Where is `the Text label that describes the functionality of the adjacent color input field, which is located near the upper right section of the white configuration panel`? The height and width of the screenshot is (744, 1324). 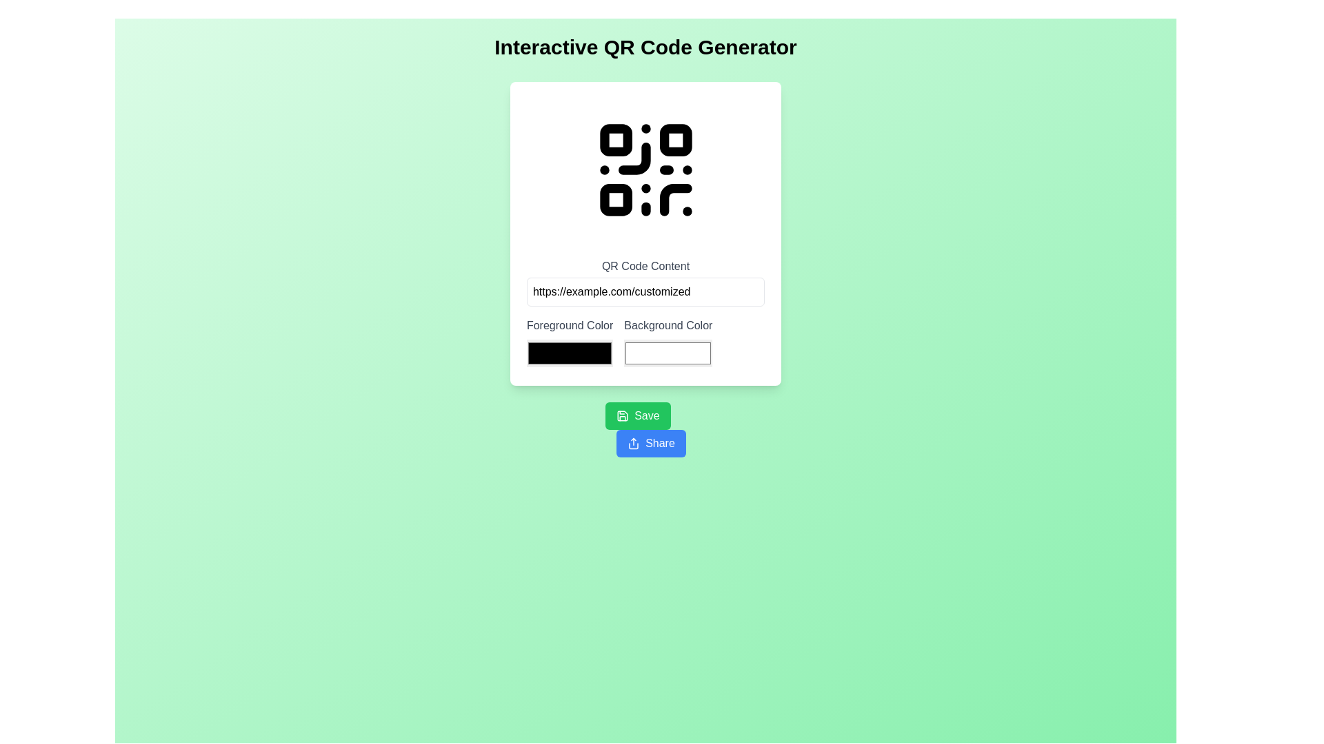 the Text label that describes the functionality of the adjacent color input field, which is located near the upper right section of the white configuration panel is located at coordinates (668, 326).